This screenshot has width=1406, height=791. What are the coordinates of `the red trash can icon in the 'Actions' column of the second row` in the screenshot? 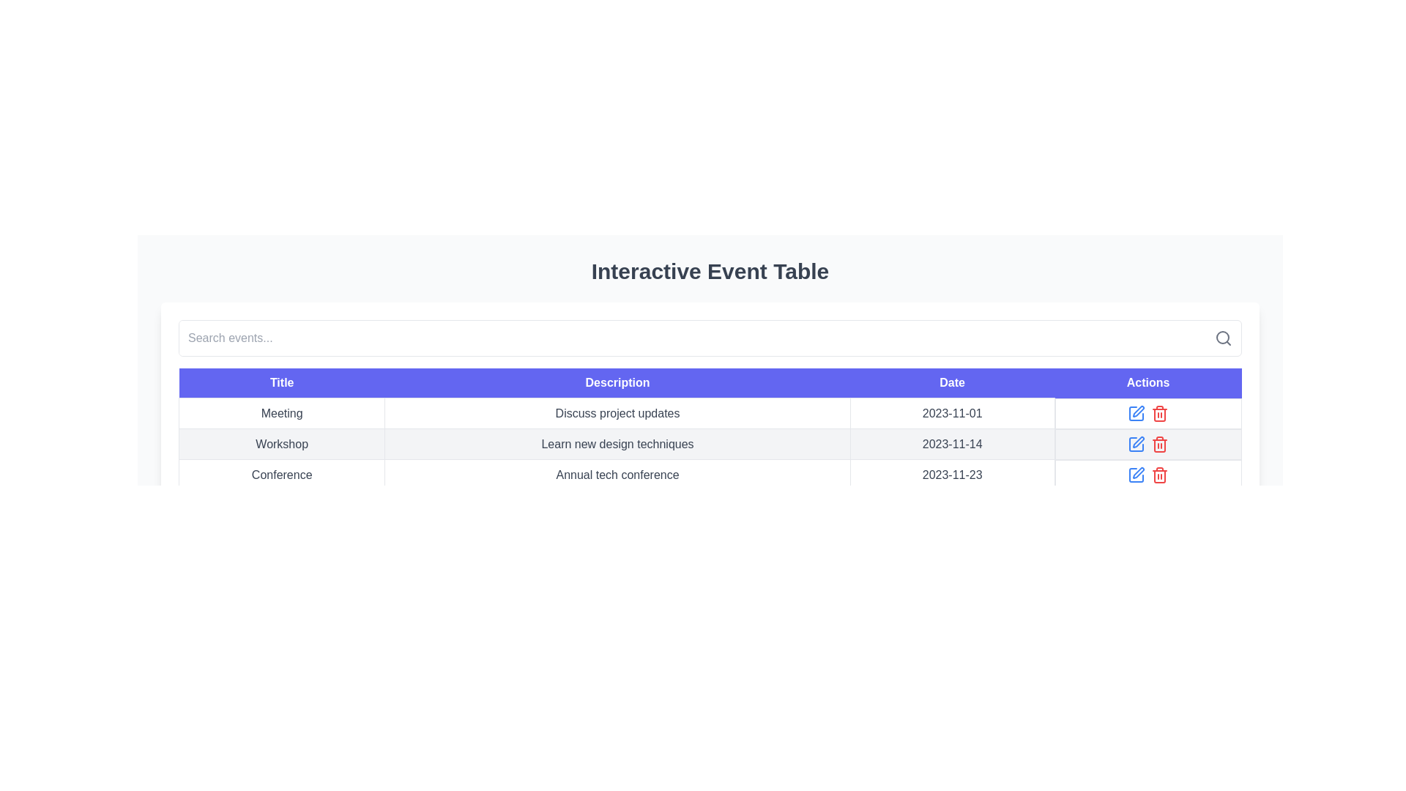 It's located at (1148, 443).